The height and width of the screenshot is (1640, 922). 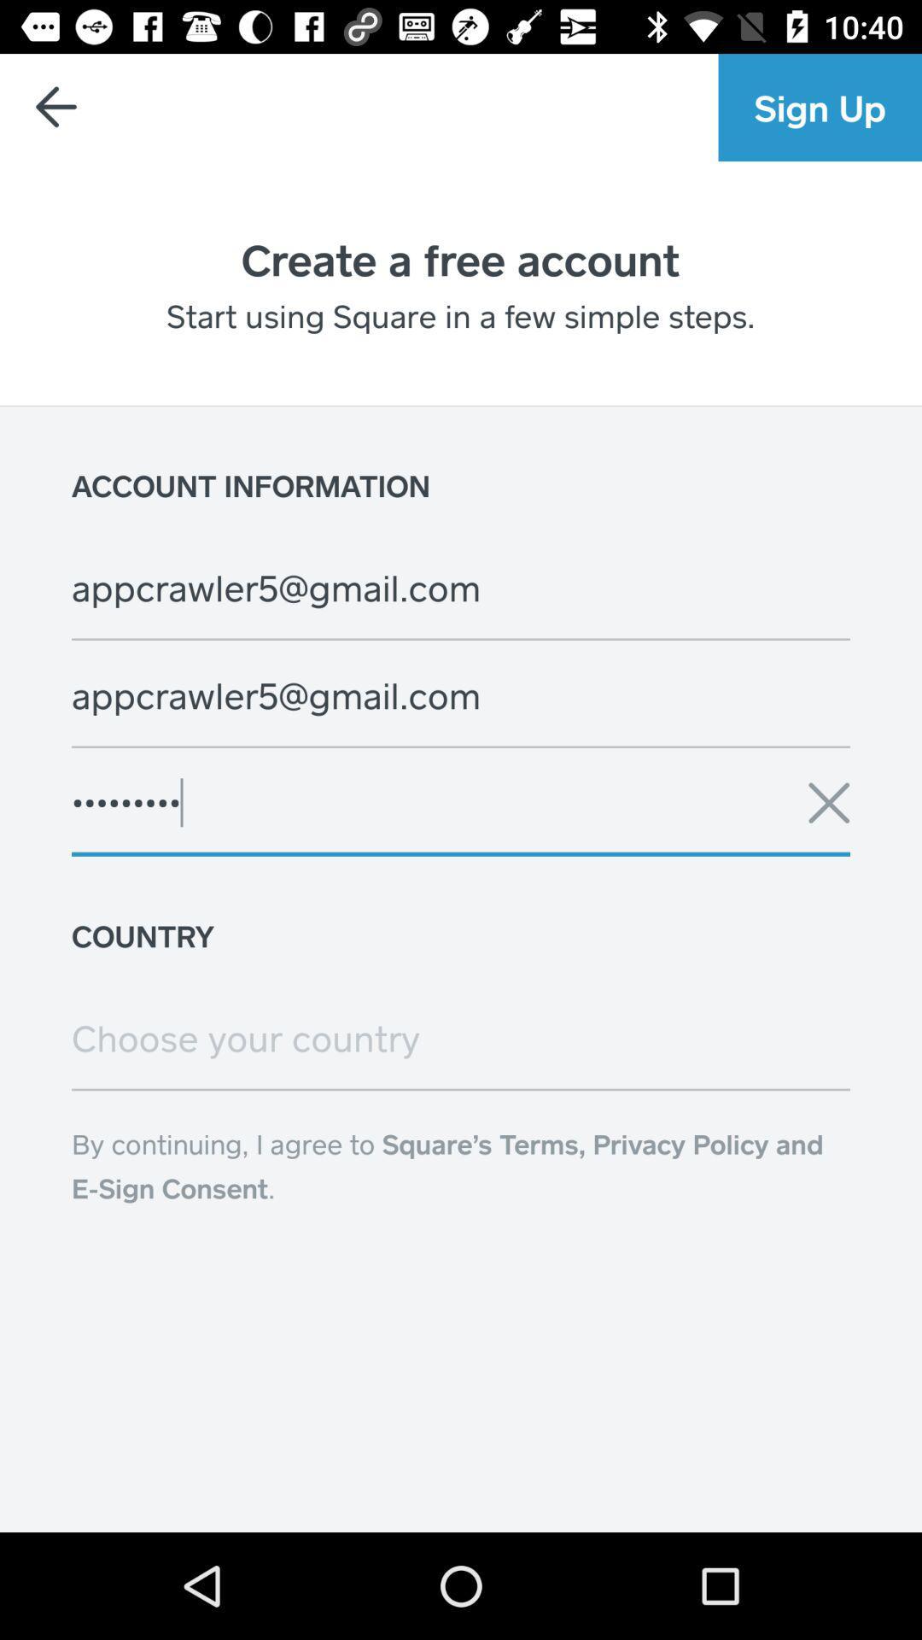 I want to click on choose your country, so click(x=461, y=1036).